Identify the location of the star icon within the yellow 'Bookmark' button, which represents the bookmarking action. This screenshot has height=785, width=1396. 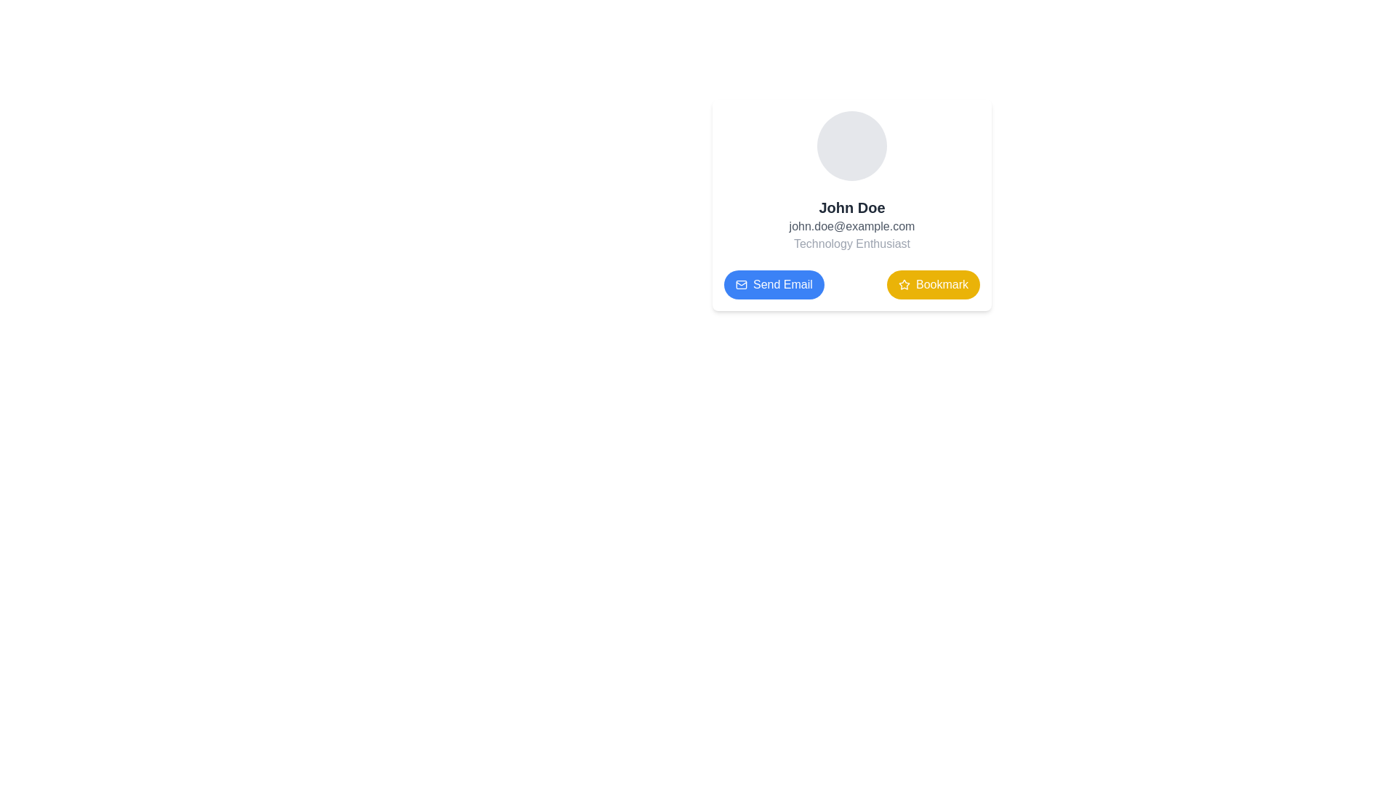
(903, 285).